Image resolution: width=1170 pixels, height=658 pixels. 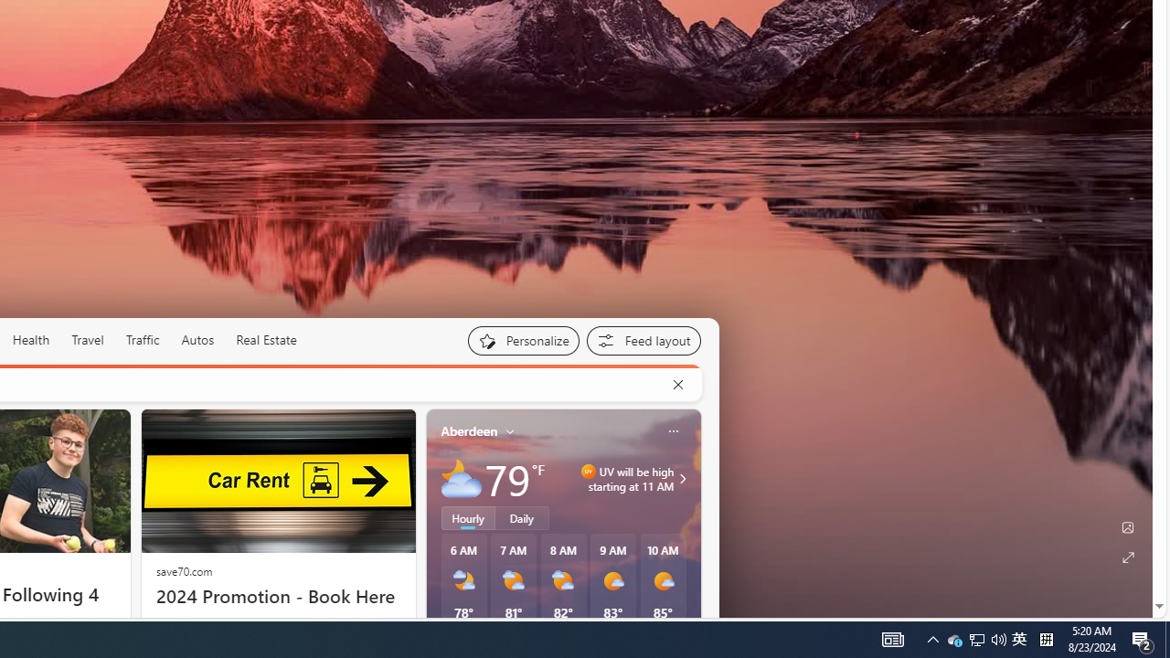 What do you see at coordinates (277, 597) in the screenshot?
I see `'2024 Promotion - Book Here'` at bounding box center [277, 597].